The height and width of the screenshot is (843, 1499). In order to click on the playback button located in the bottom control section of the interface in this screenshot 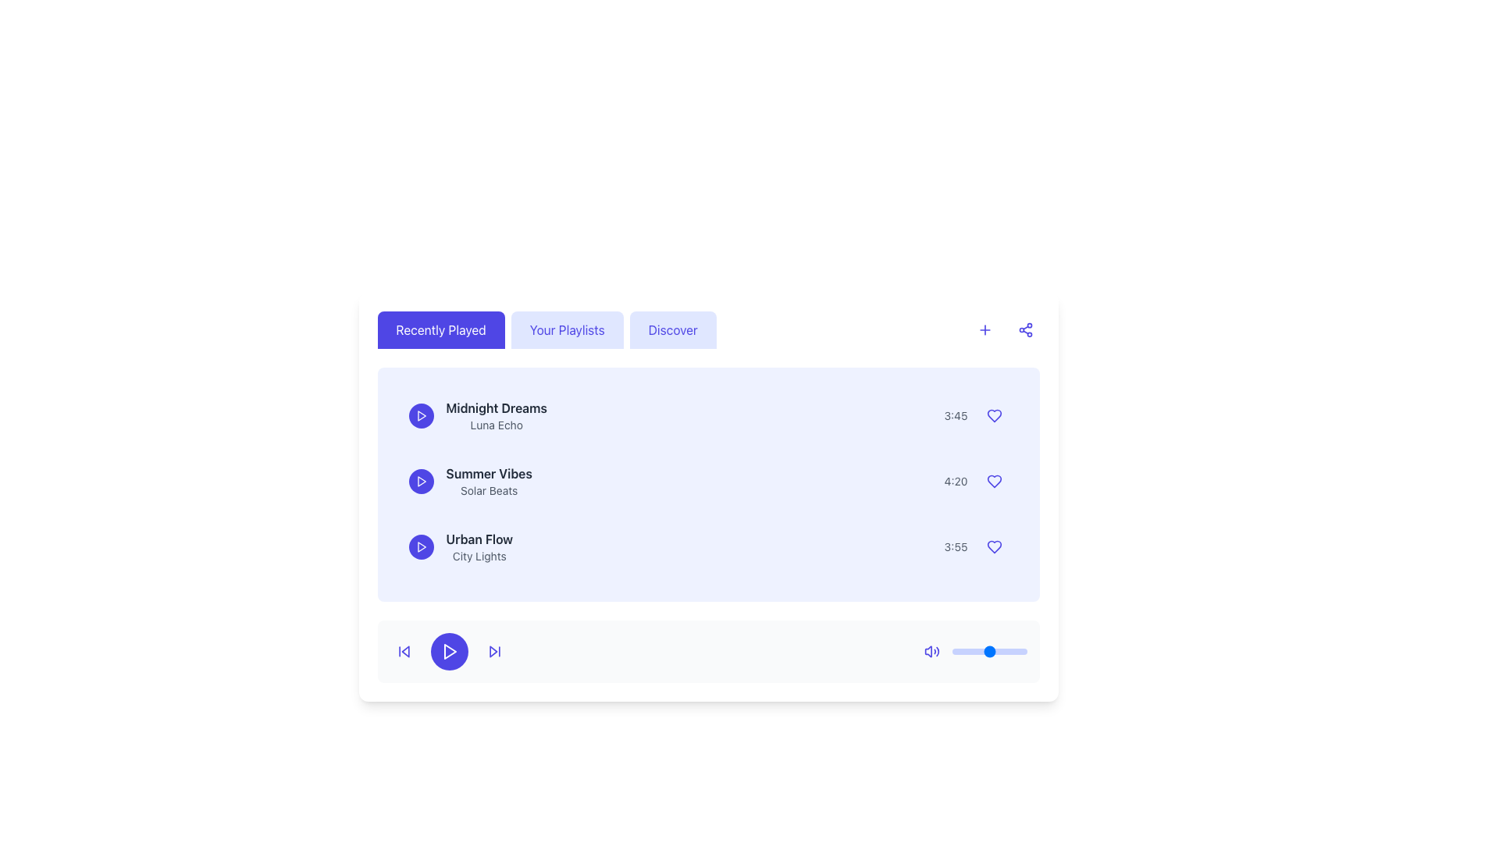, I will do `click(421, 546)`.